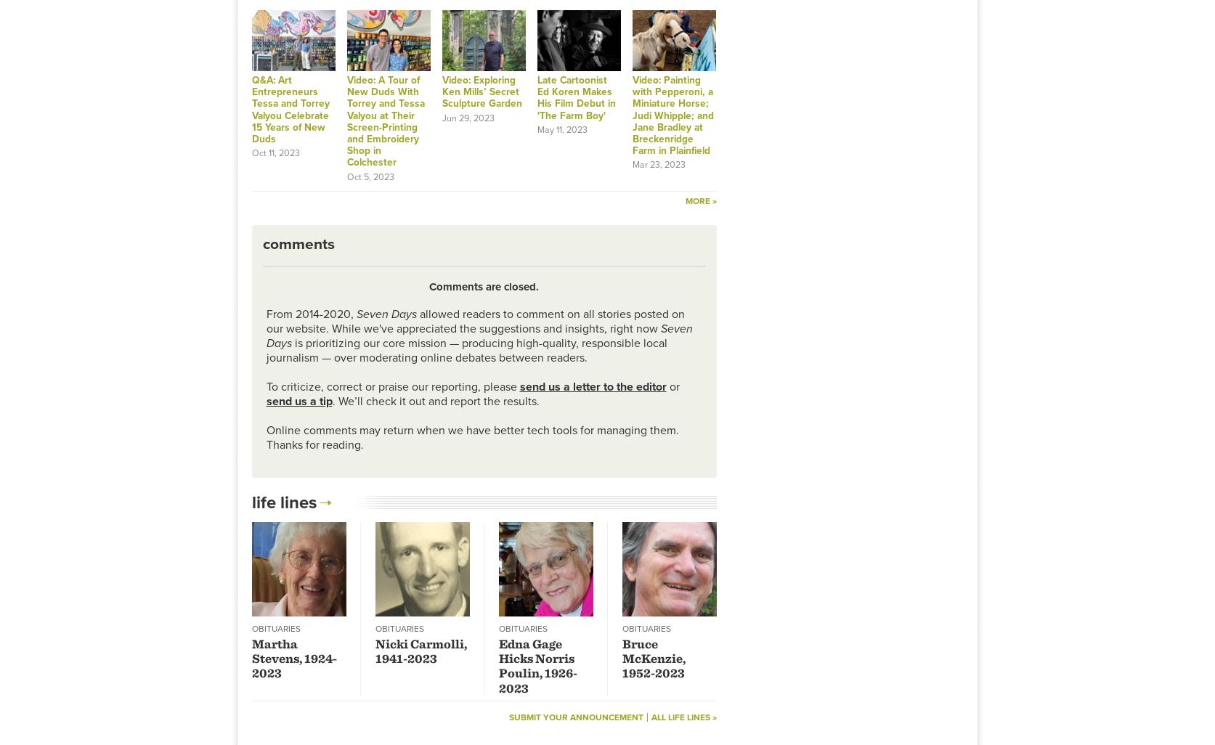 The image size is (1215, 745). Describe the element at coordinates (309, 314) in the screenshot. I see `'From 2014-2020,'` at that location.